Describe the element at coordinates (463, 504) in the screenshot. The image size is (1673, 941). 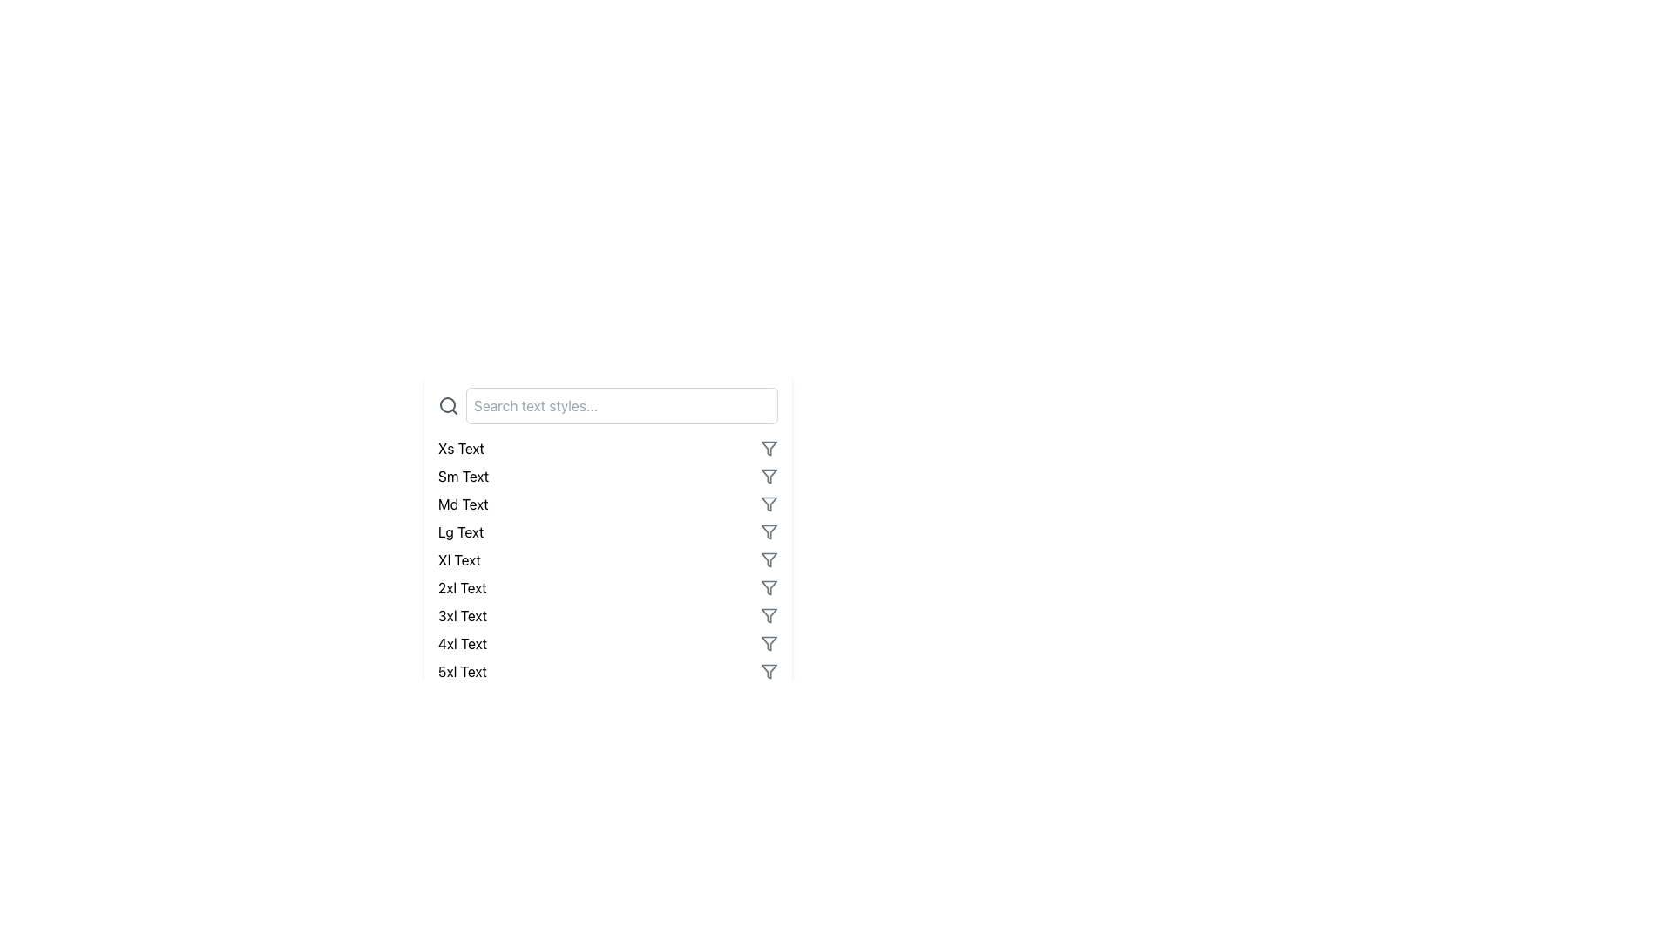
I see `the text label displaying 'Md Text' by moving the cursor to its center for emphasis` at that location.